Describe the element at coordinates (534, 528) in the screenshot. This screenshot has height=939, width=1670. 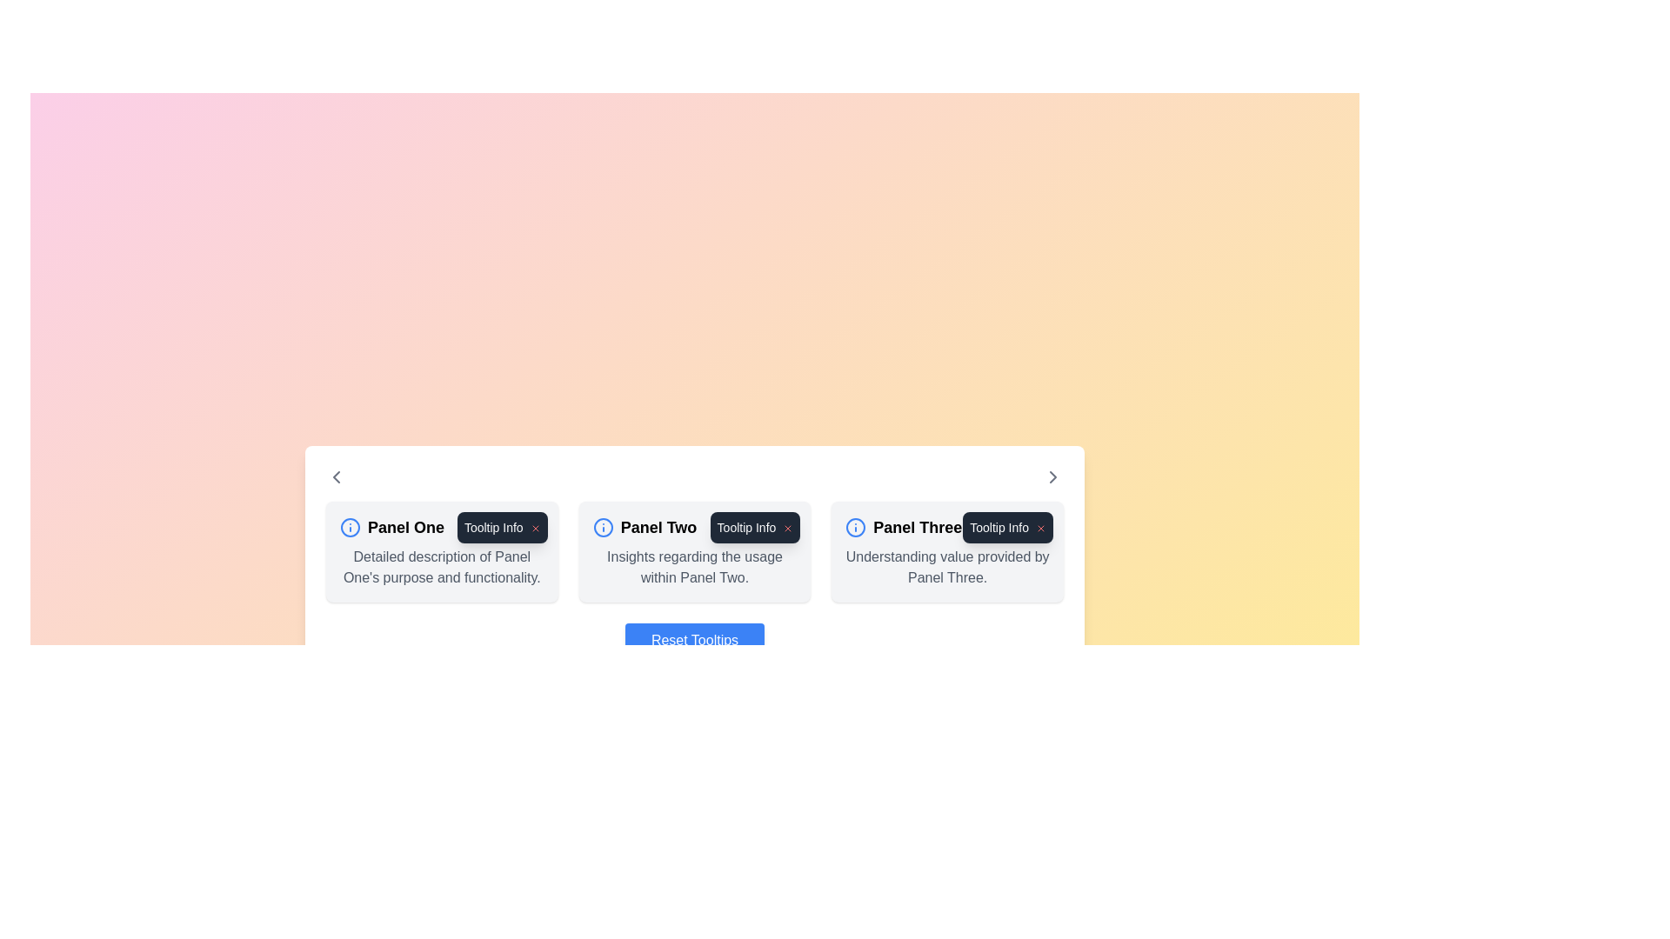
I see `the small, cross-shaped icon next to the 'Tooltip Info' label in the 'Panel One' section` at that location.